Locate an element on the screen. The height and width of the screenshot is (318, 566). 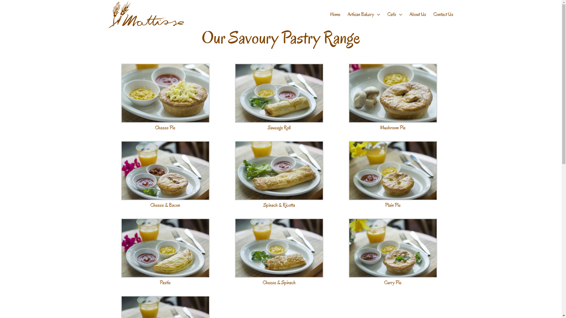
'About Us' is located at coordinates (417, 14).